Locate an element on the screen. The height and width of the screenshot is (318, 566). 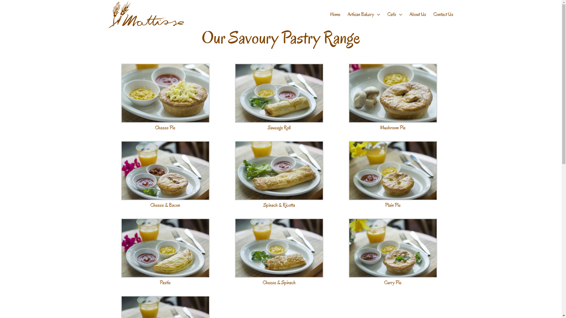
'About Us' is located at coordinates (417, 14).